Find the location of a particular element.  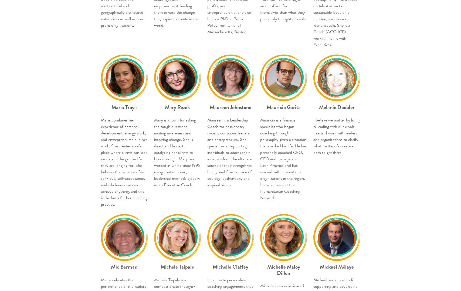

'Mickaël Mélaye' is located at coordinates (319, 267).